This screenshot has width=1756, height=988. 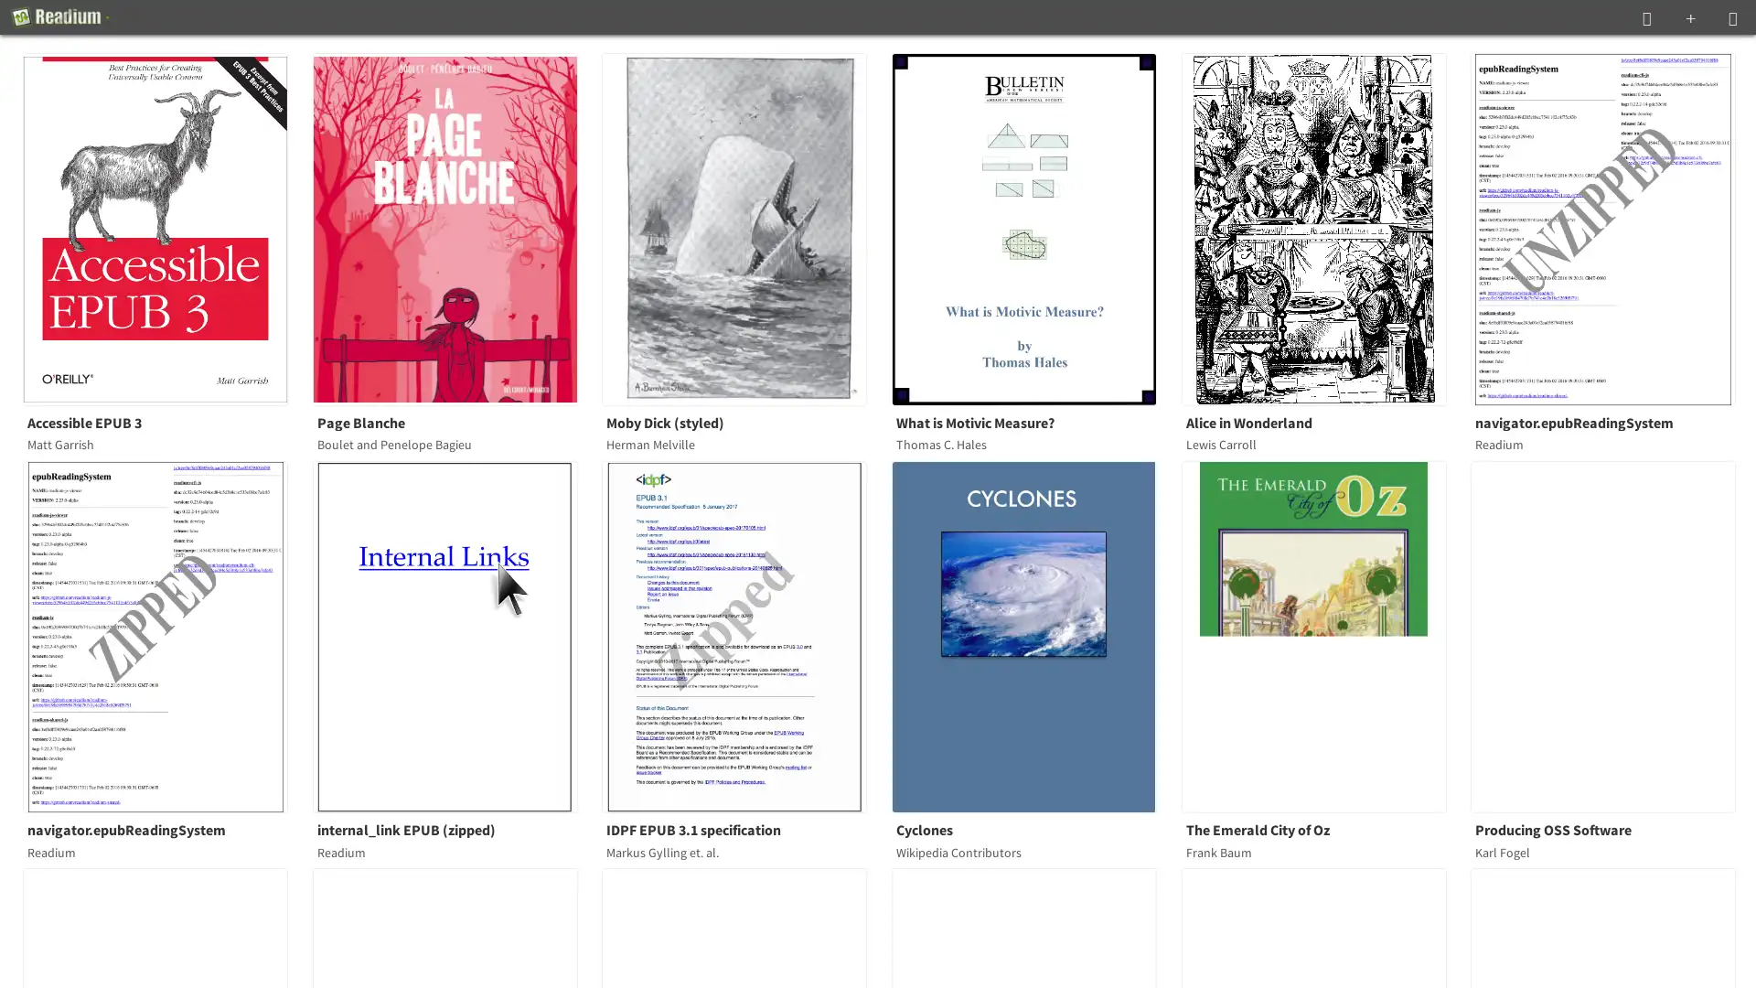 I want to click on (4) What is Motivic Measure?, so click(x=1035, y=228).